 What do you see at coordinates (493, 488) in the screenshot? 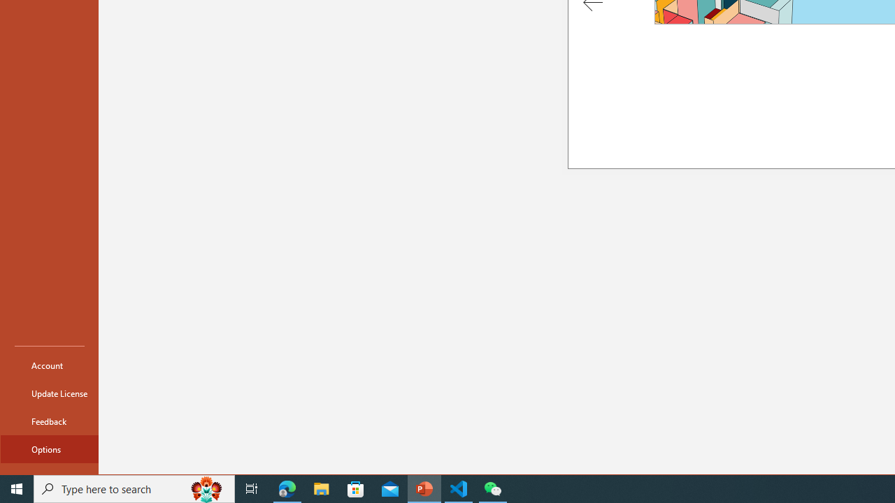
I see `'WeChat - 1 running window'` at bounding box center [493, 488].